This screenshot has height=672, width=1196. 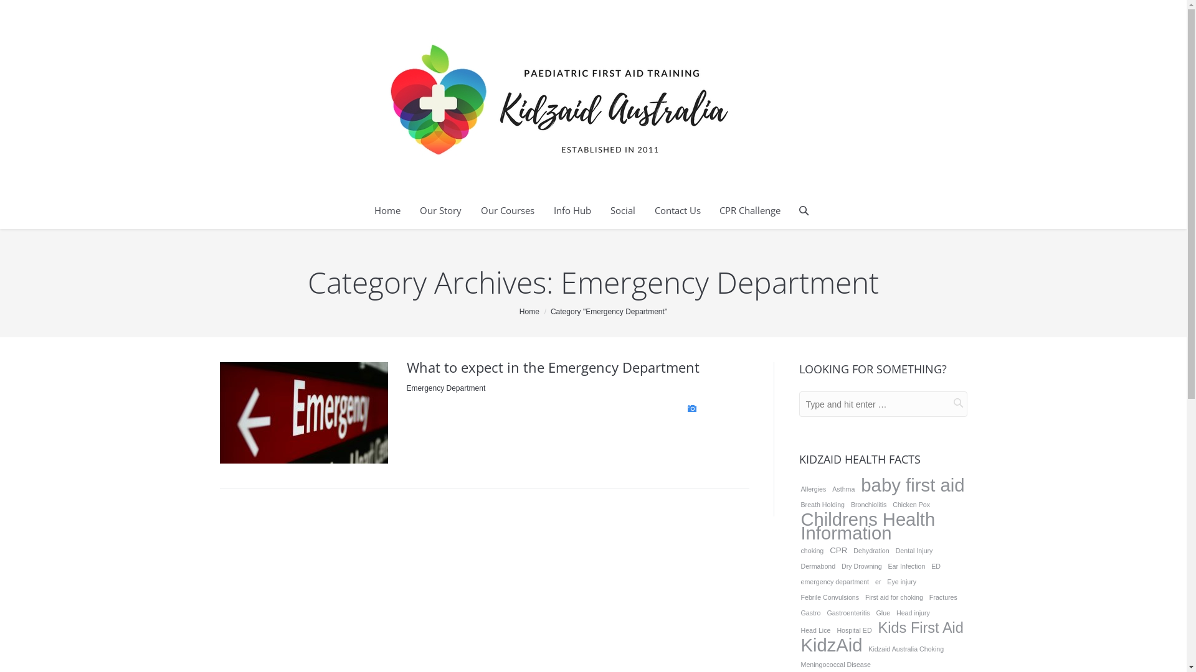 I want to click on 'Kidzaid Australia Choking', so click(x=906, y=648).